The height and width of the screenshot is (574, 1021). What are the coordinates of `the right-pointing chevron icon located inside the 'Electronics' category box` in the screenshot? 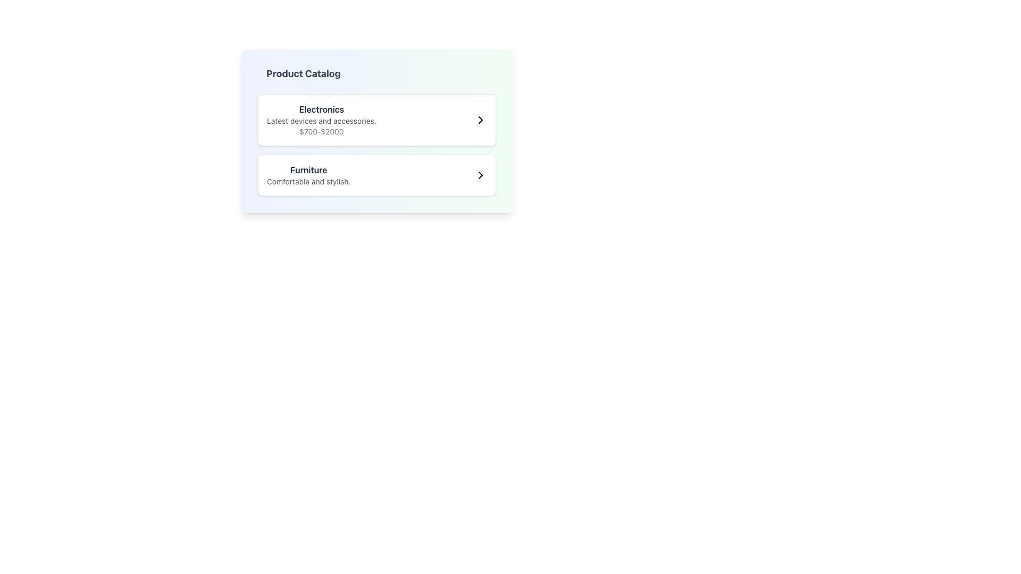 It's located at (480, 120).